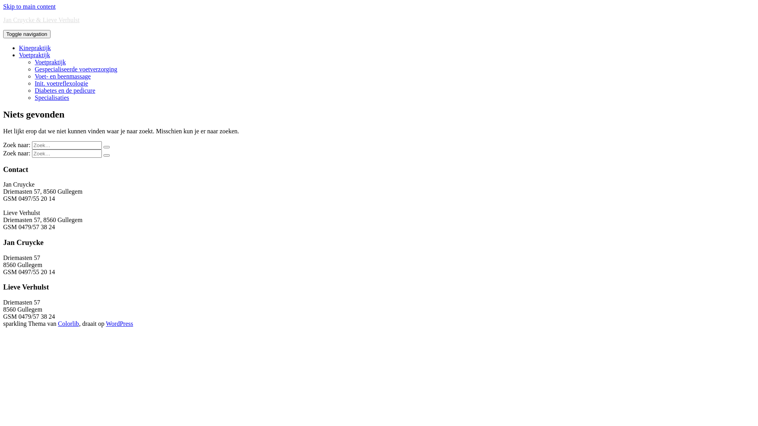  What do you see at coordinates (26, 34) in the screenshot?
I see `'Toggle navigation'` at bounding box center [26, 34].